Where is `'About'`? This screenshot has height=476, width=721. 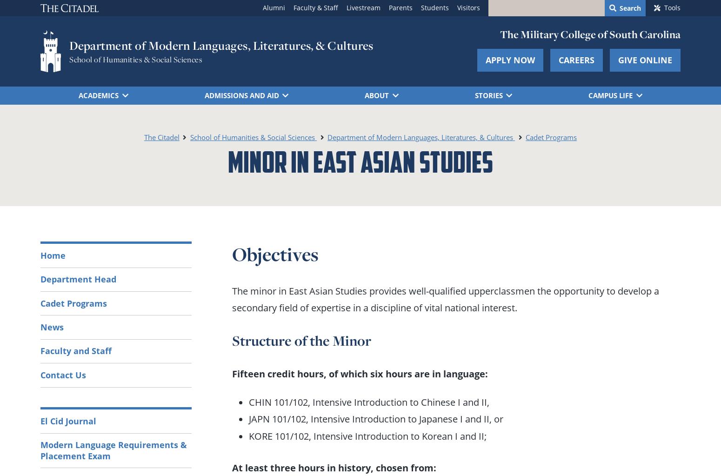 'About' is located at coordinates (376, 94).